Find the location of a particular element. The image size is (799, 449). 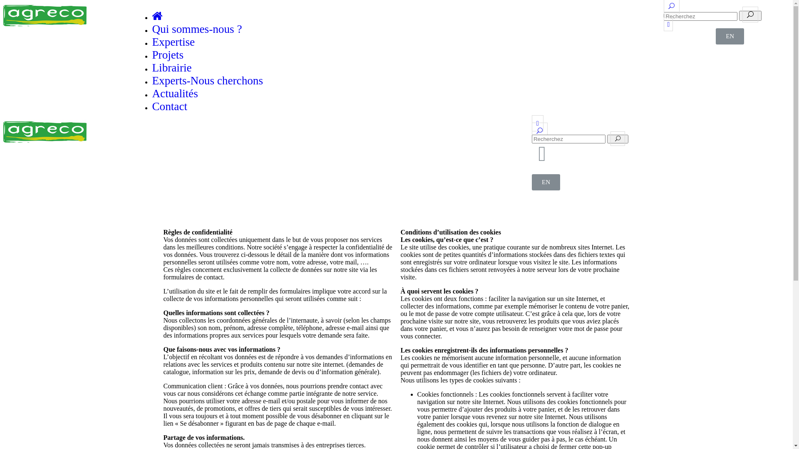

'Librairie' is located at coordinates (32, 147).